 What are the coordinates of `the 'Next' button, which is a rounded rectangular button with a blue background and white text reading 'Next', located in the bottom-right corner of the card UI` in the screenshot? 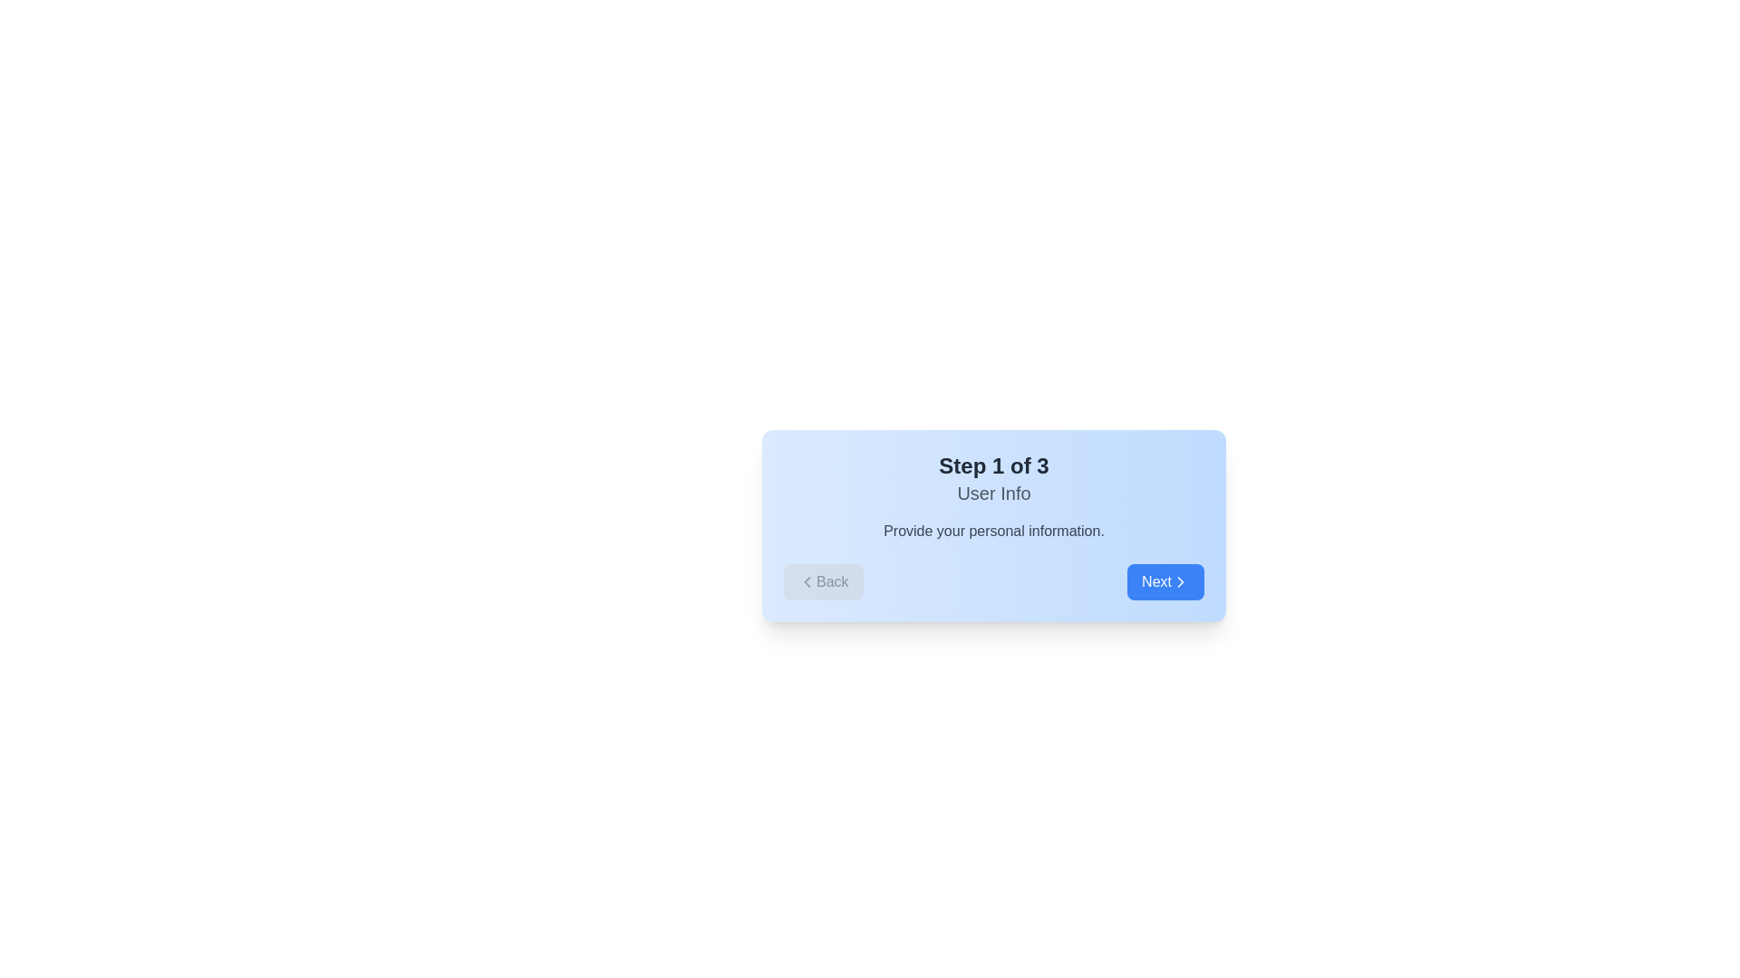 It's located at (1165, 582).